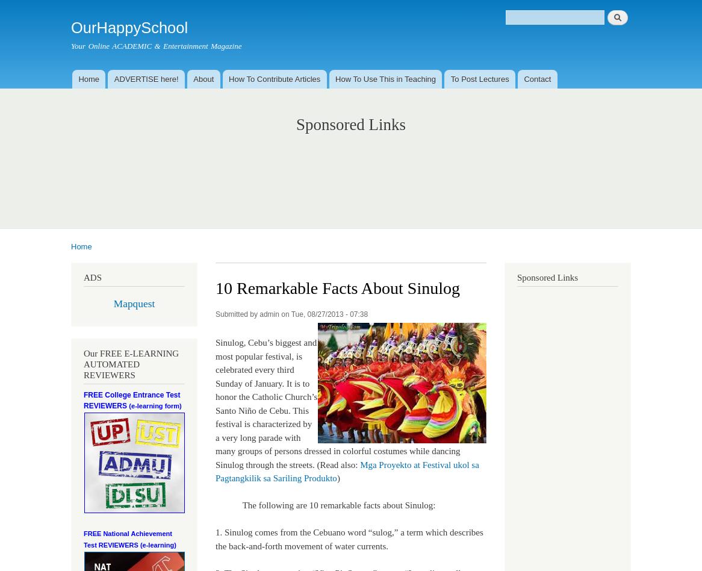  What do you see at coordinates (146, 78) in the screenshot?
I see `'ADVERTISE here!'` at bounding box center [146, 78].